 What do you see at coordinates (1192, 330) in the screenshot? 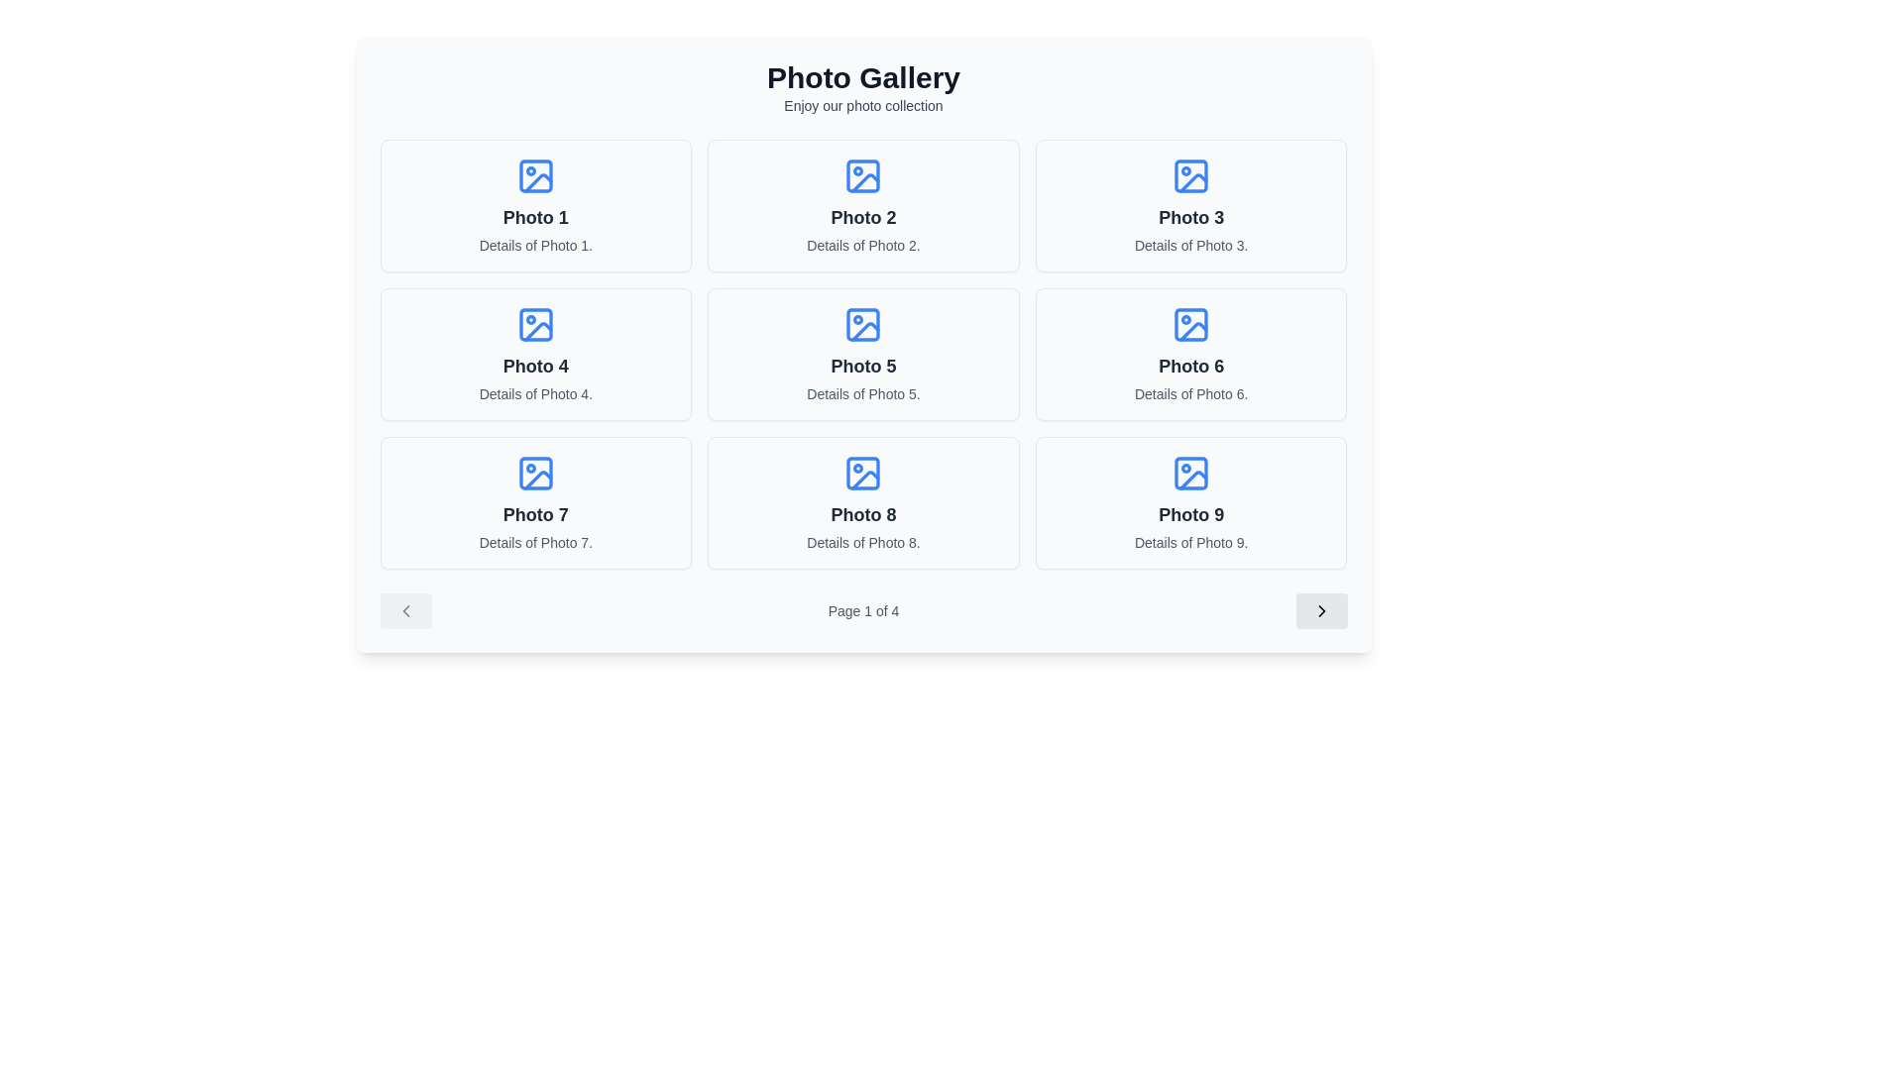
I see `the vector graphic element representing the image placeholder located in the second row, third column of the 3x3 grid layout for Photo 6` at bounding box center [1192, 330].